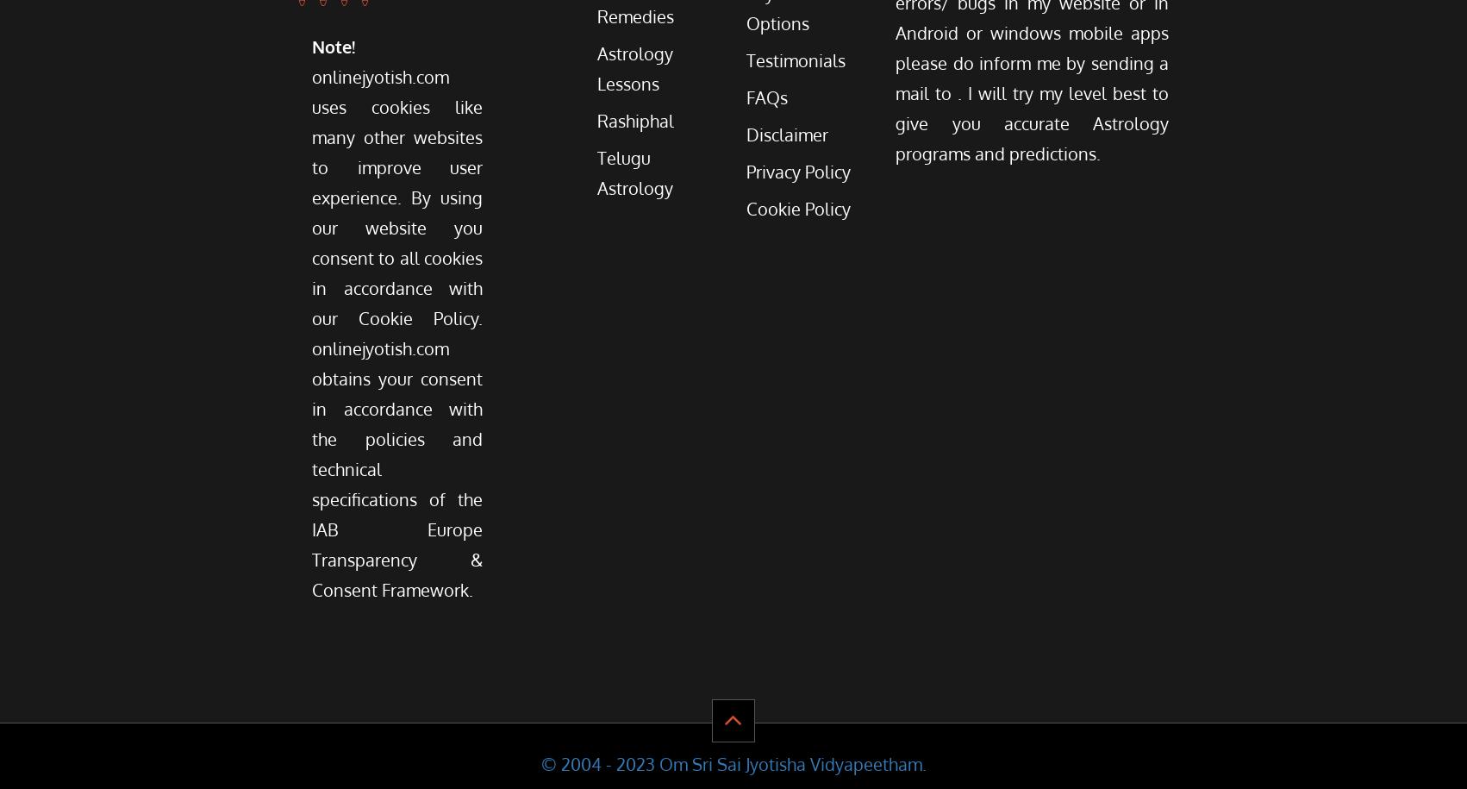 This screenshot has width=1467, height=789. I want to click on 'Telugu Astrology', so click(596, 172).